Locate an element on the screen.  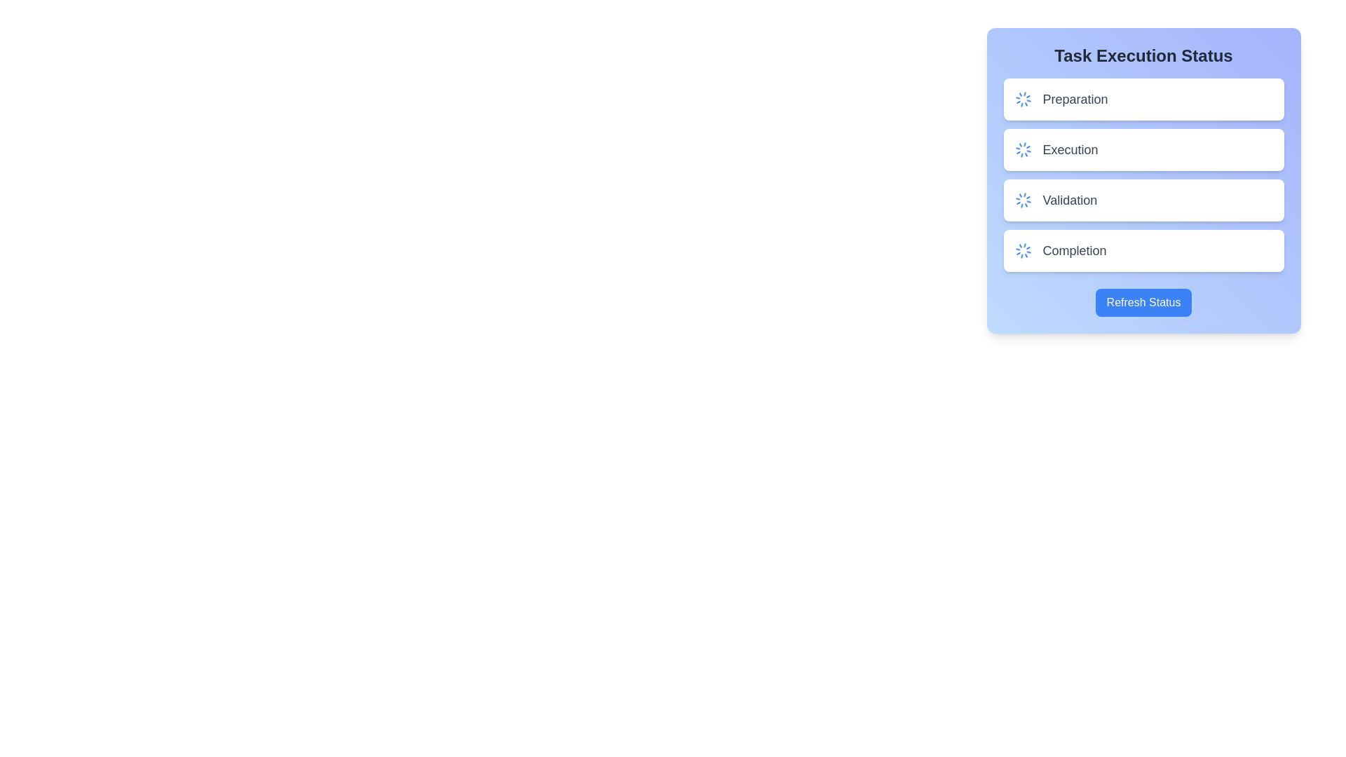
the second step card in the vertical stack under the 'Task Execution Status' header is located at coordinates (1143, 175).